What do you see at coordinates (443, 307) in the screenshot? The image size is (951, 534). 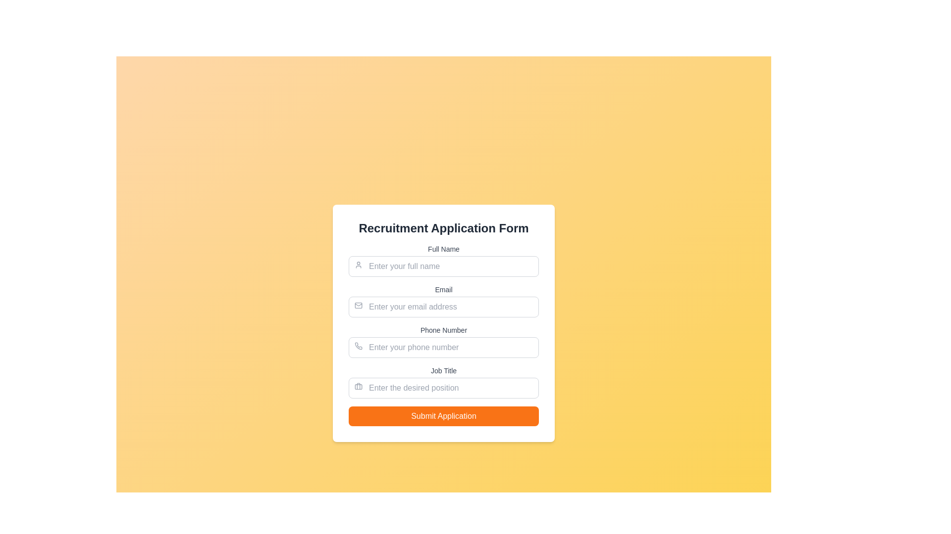 I see `the Text Input Field for entering an email address, which is below the 'Email' label and above the 'Phone Number' input field` at bounding box center [443, 307].